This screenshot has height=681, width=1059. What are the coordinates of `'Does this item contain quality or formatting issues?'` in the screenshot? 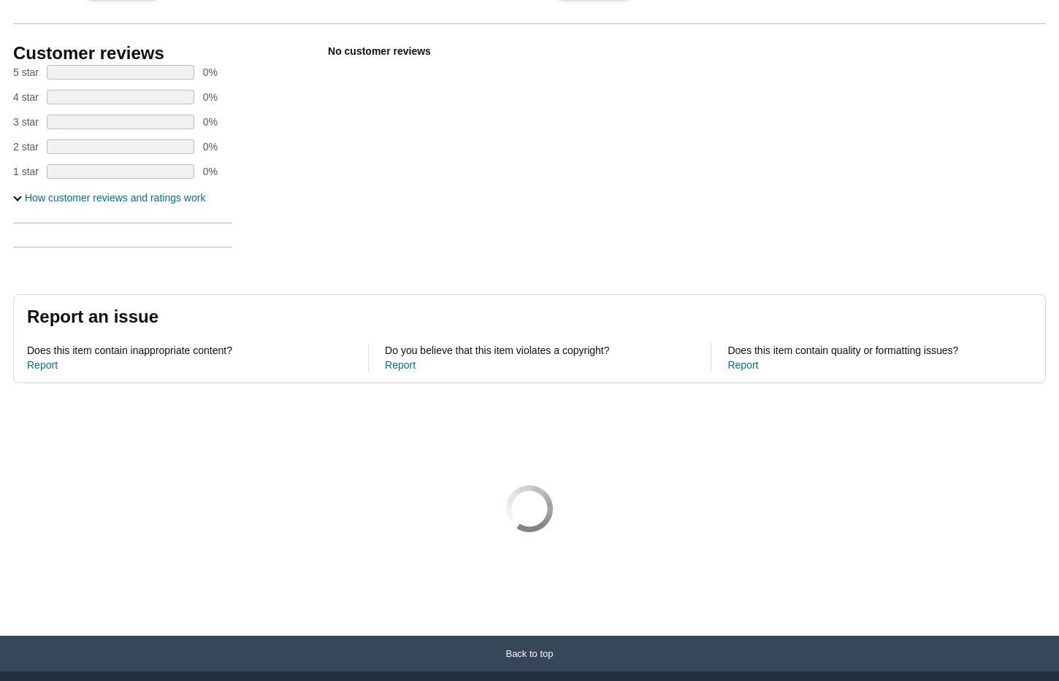 It's located at (727, 350).